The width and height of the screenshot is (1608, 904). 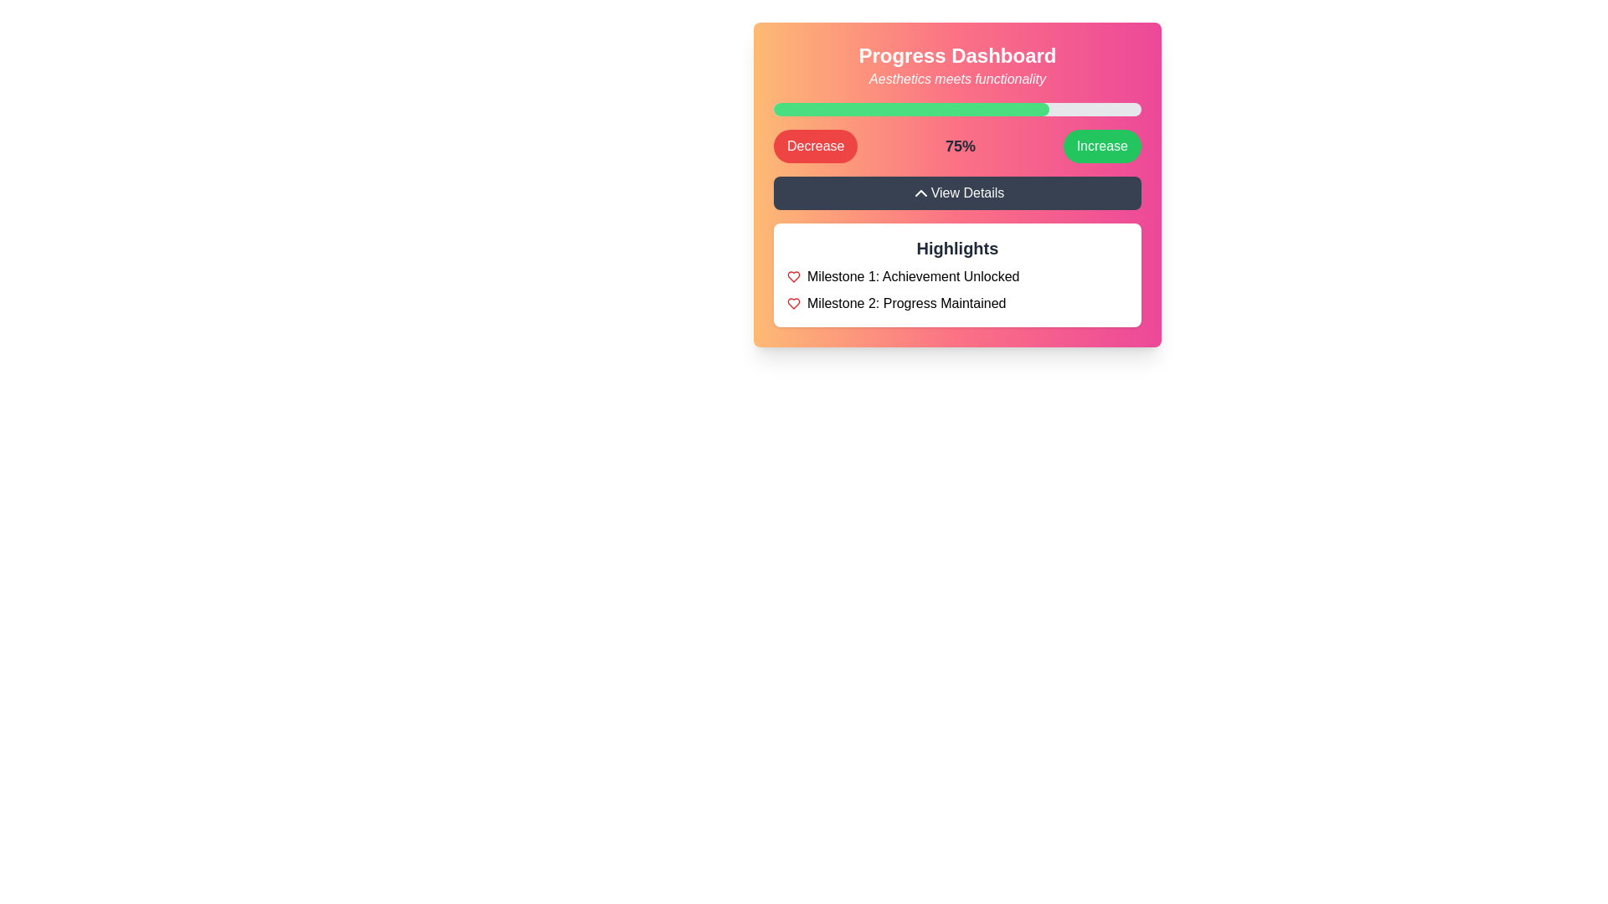 I want to click on the heart icon that signifies 'Milestone 2: Progress Maintained' to acknowledge or interact with it, so click(x=793, y=303).